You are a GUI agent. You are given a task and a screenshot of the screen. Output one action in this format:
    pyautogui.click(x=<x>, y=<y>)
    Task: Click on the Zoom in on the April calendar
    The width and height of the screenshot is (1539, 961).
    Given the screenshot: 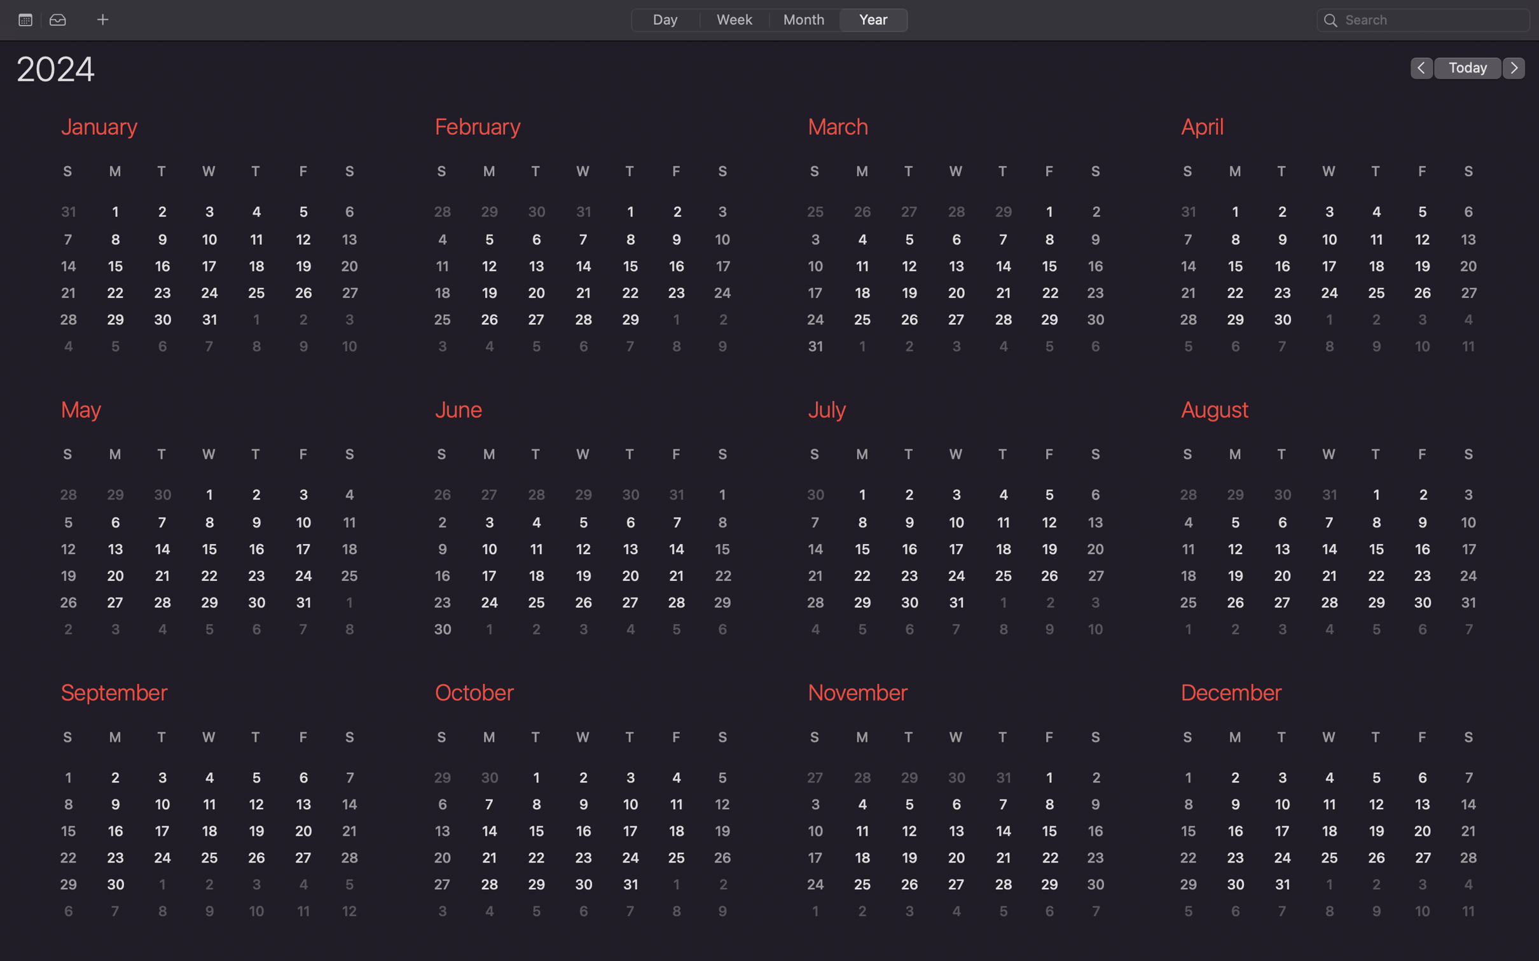 What is the action you would take?
    pyautogui.click(x=1323, y=235)
    